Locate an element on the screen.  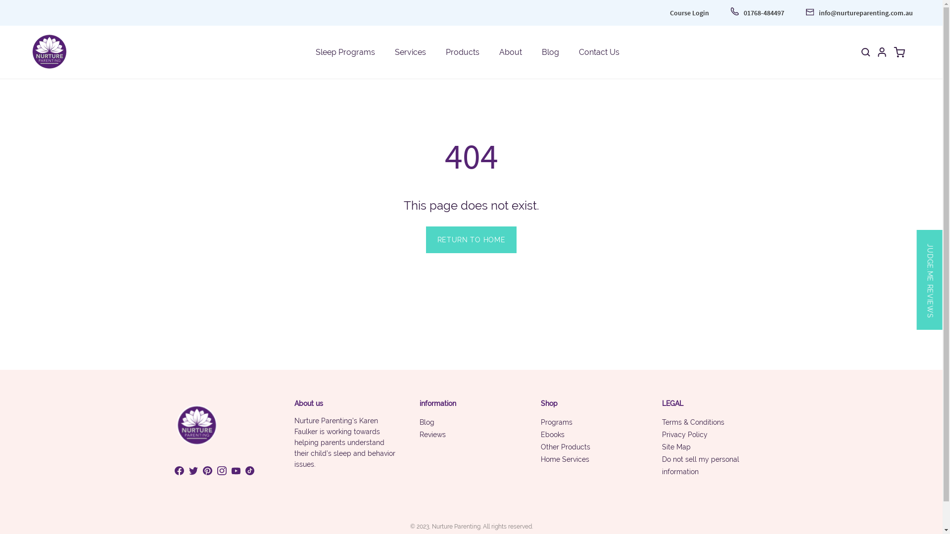
'Shop' is located at coordinates (548, 404).